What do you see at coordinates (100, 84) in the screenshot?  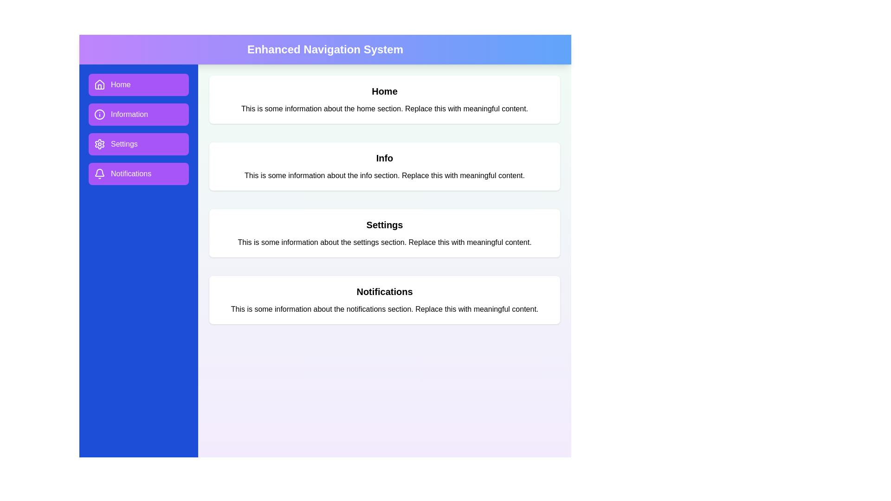 I see `the house-shaped icon located within the 'Home' button in the left sidebar navigation menu, which is the first icon associated with the text 'Home'` at bounding box center [100, 84].